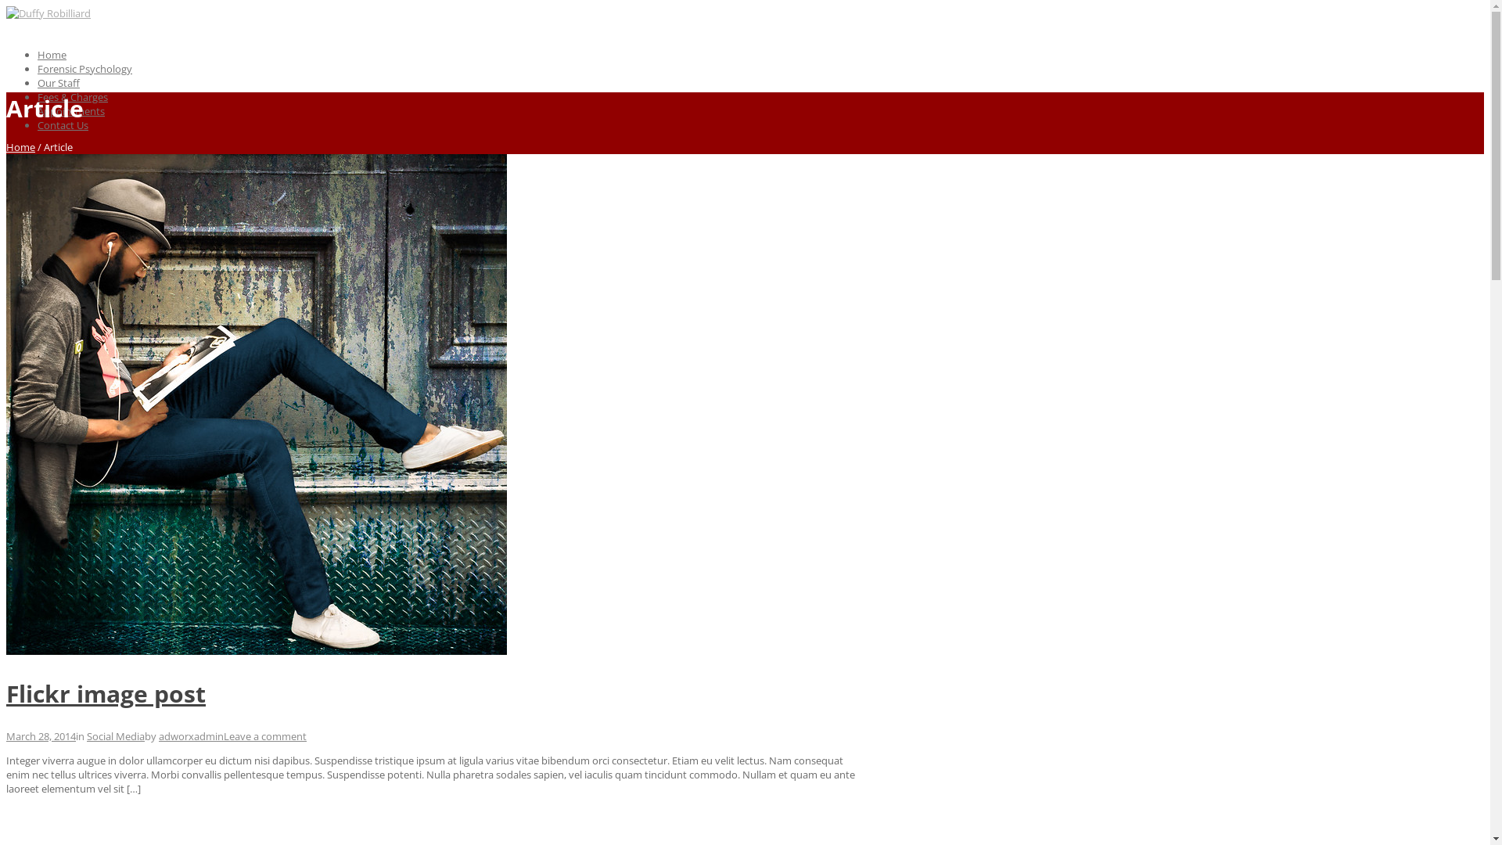 The width and height of the screenshot is (1502, 845). What do you see at coordinates (190, 736) in the screenshot?
I see `'adworxadmin'` at bounding box center [190, 736].